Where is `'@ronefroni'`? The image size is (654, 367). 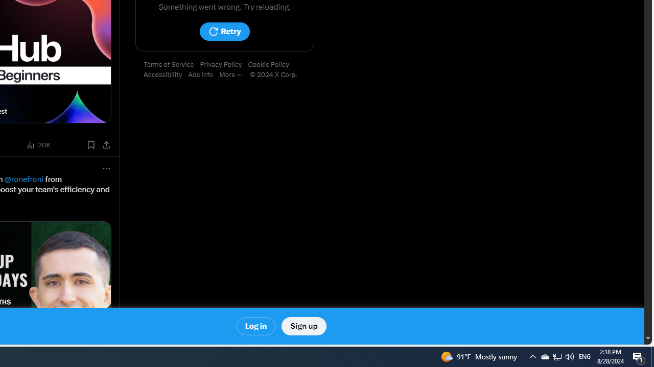 '@ronefroni' is located at coordinates (24, 178).